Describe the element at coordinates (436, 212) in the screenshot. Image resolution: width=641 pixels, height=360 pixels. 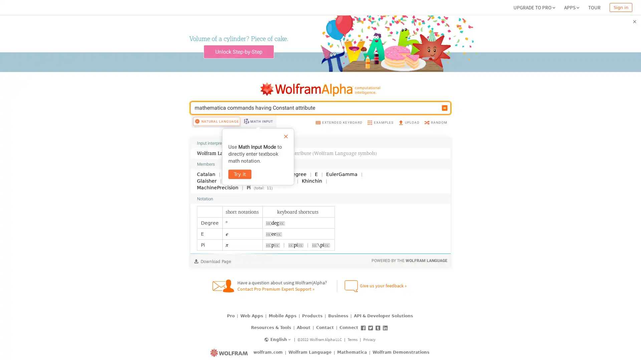
I see `More` at that location.